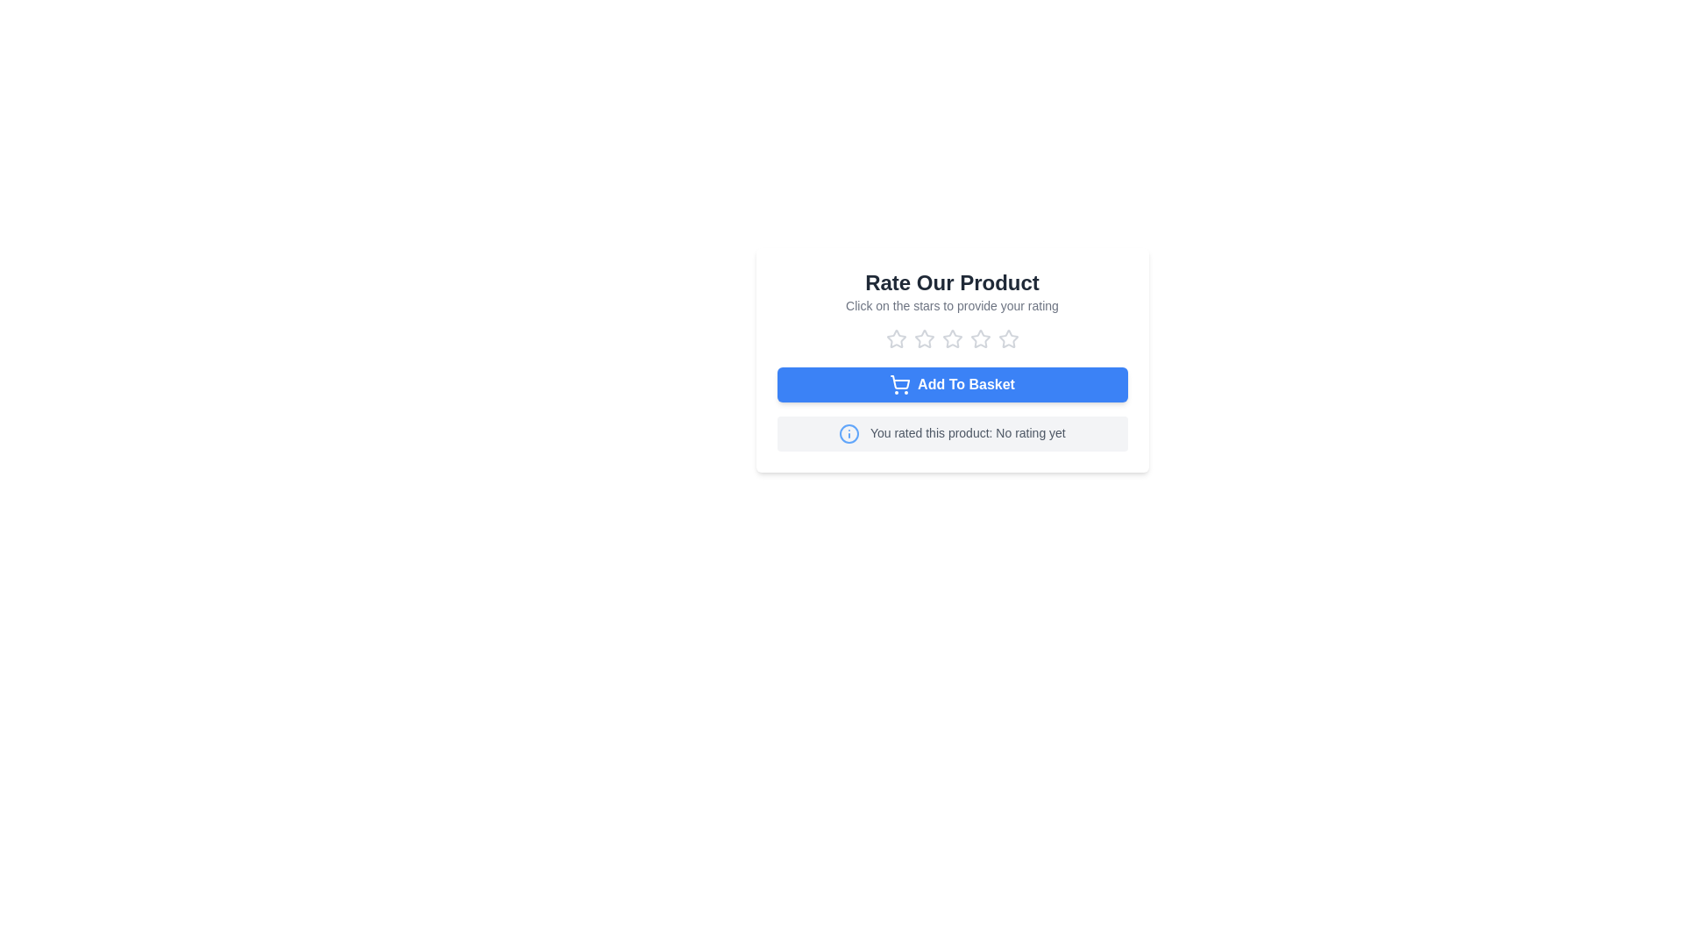 The image size is (1683, 947). I want to click on the first star icon in the rating row, positioned immediately right of the 'Rate Our Product' label, so click(896, 338).